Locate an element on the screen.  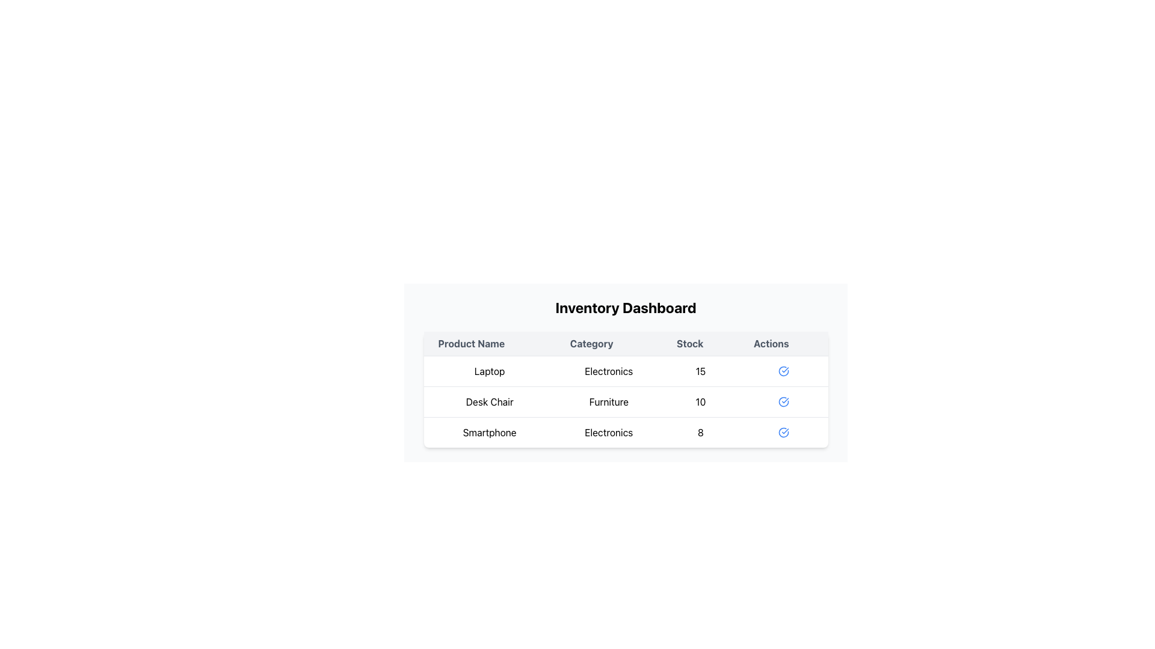
the numeric text '8' in the last column under the 'Stock' header of the table, which is aligned with the row containing 'Smartphone' in the 'Product Name' column is located at coordinates (700, 431).